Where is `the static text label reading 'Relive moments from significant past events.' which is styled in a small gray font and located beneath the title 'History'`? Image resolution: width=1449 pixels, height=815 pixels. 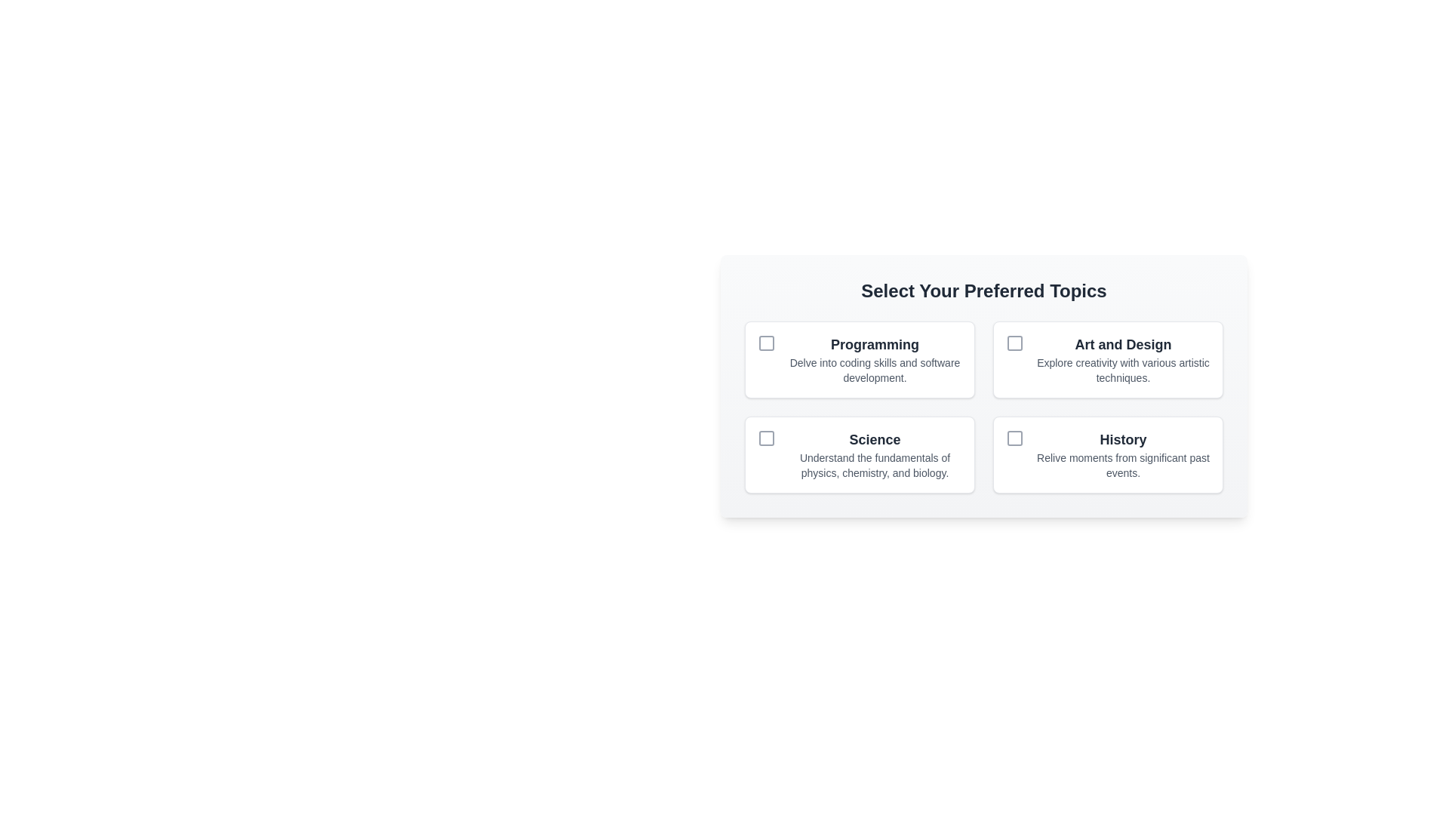 the static text label reading 'Relive moments from significant past events.' which is styled in a small gray font and located beneath the title 'History' is located at coordinates (1123, 465).